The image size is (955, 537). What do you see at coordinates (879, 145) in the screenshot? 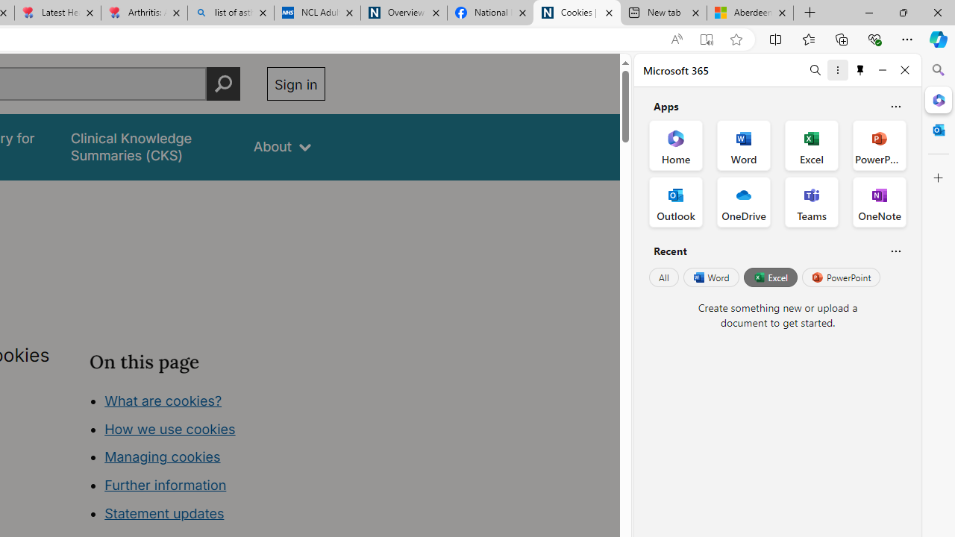
I see `'PowerPoint Office App'` at bounding box center [879, 145].